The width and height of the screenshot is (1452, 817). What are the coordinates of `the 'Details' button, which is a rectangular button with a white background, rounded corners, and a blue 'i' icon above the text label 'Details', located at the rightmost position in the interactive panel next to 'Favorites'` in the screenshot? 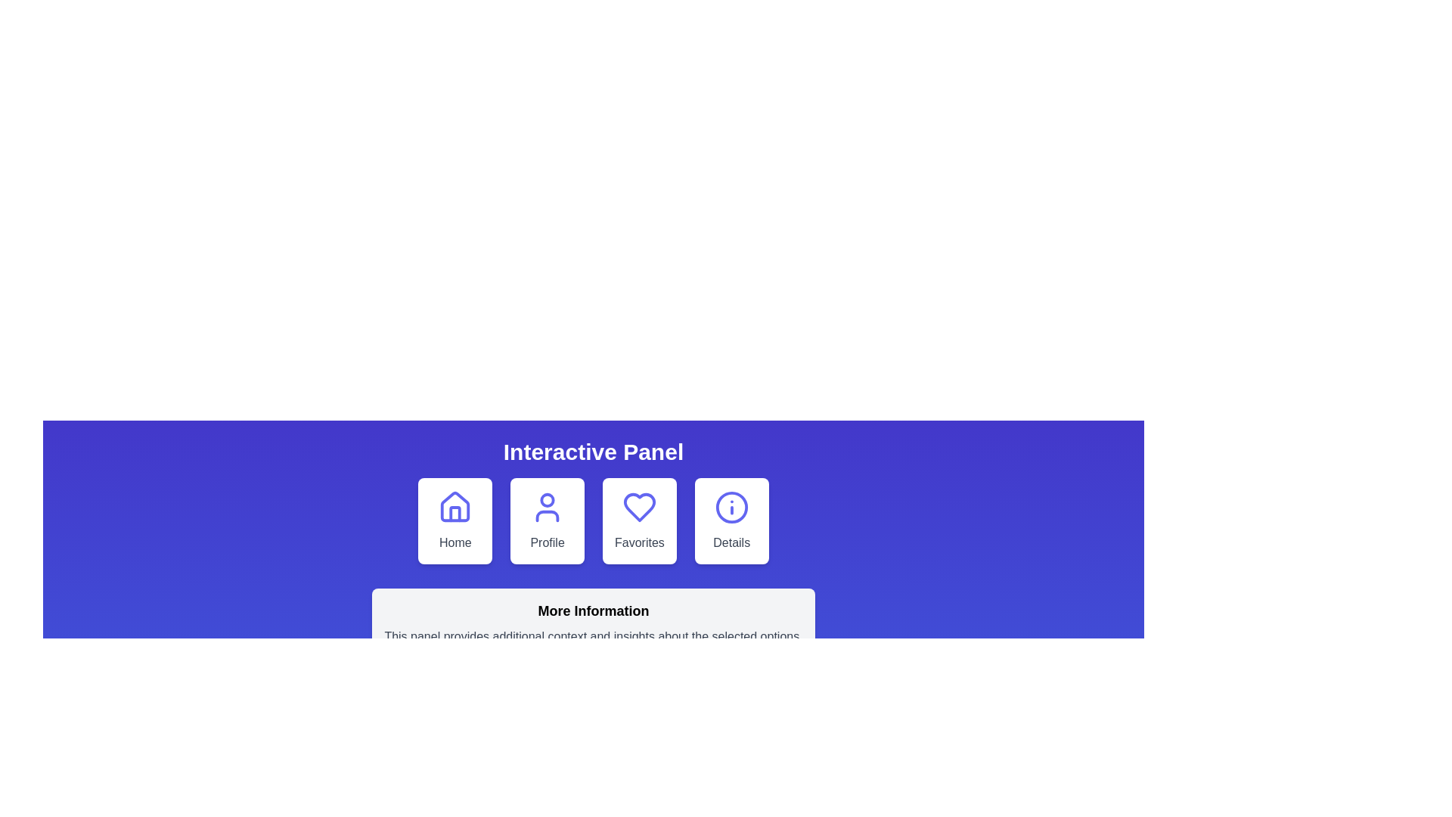 It's located at (731, 520).